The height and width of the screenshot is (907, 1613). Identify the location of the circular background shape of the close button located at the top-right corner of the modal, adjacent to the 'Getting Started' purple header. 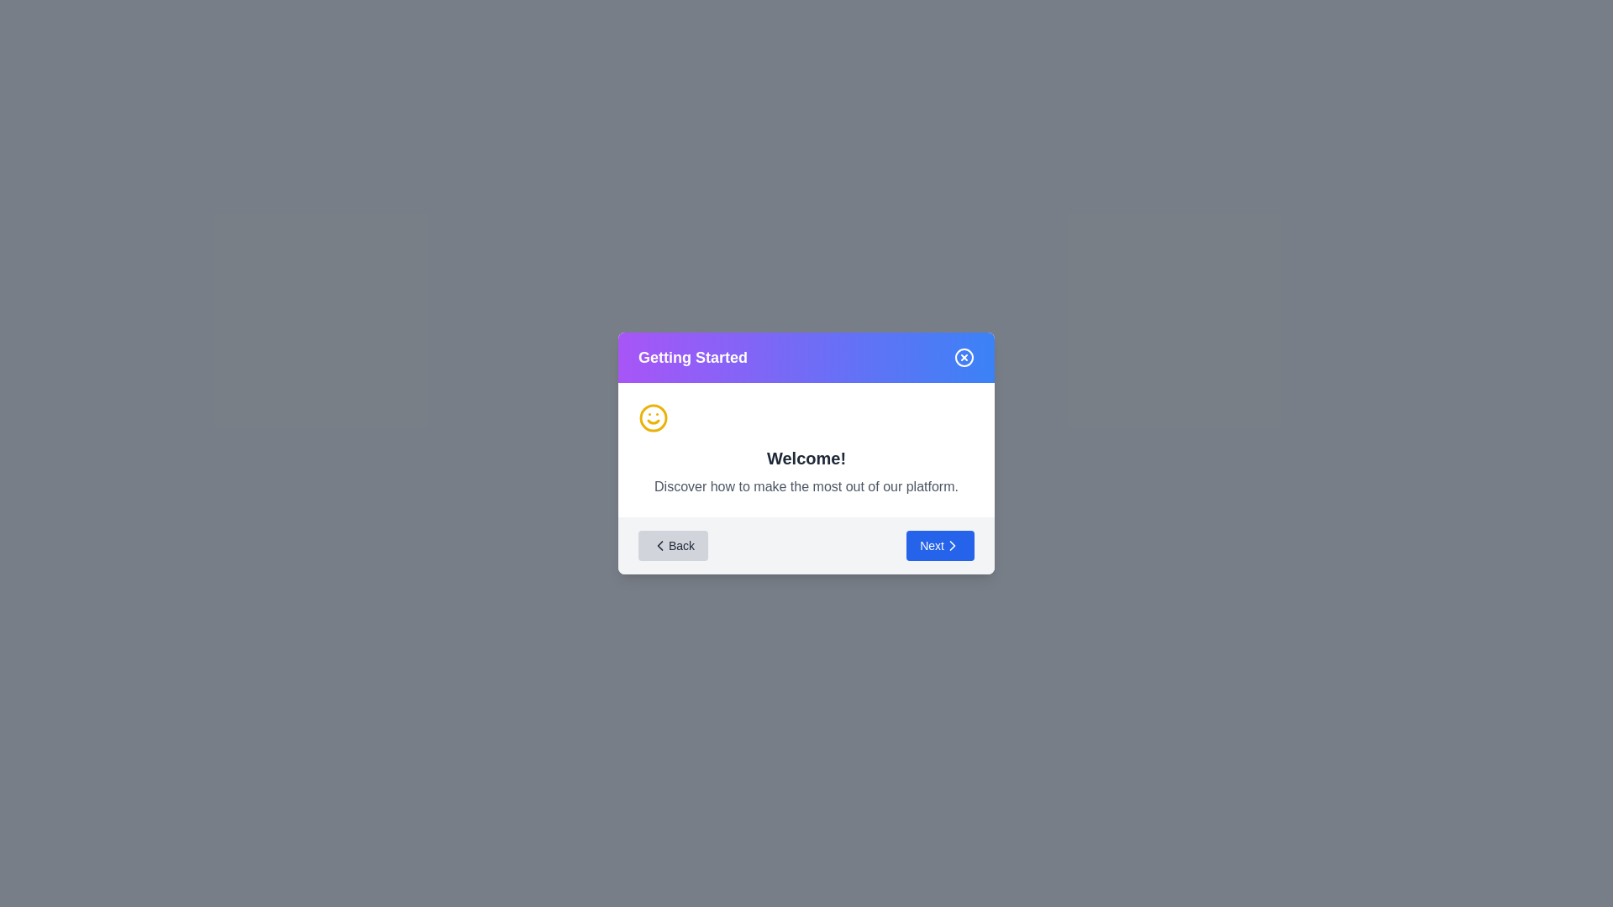
(964, 356).